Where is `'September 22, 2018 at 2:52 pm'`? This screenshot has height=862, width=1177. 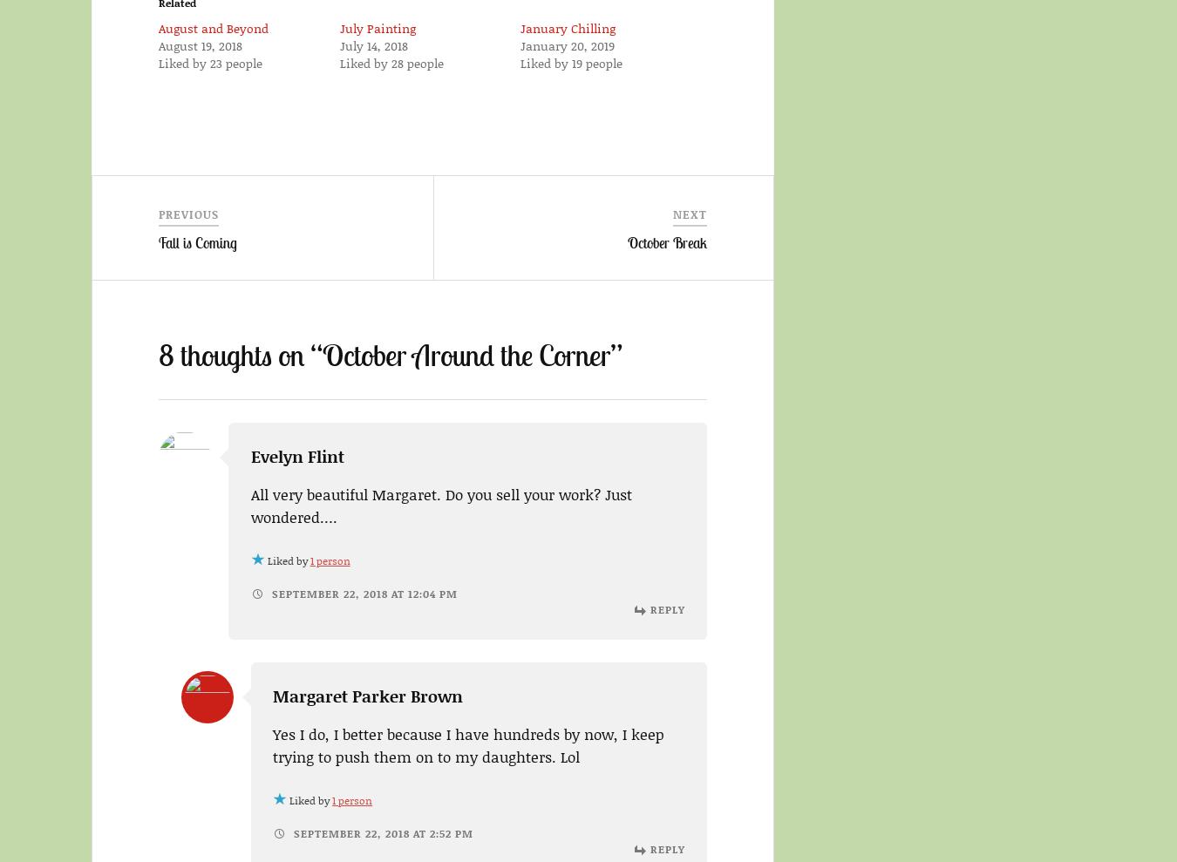 'September 22, 2018 at 2:52 pm' is located at coordinates (381, 833).